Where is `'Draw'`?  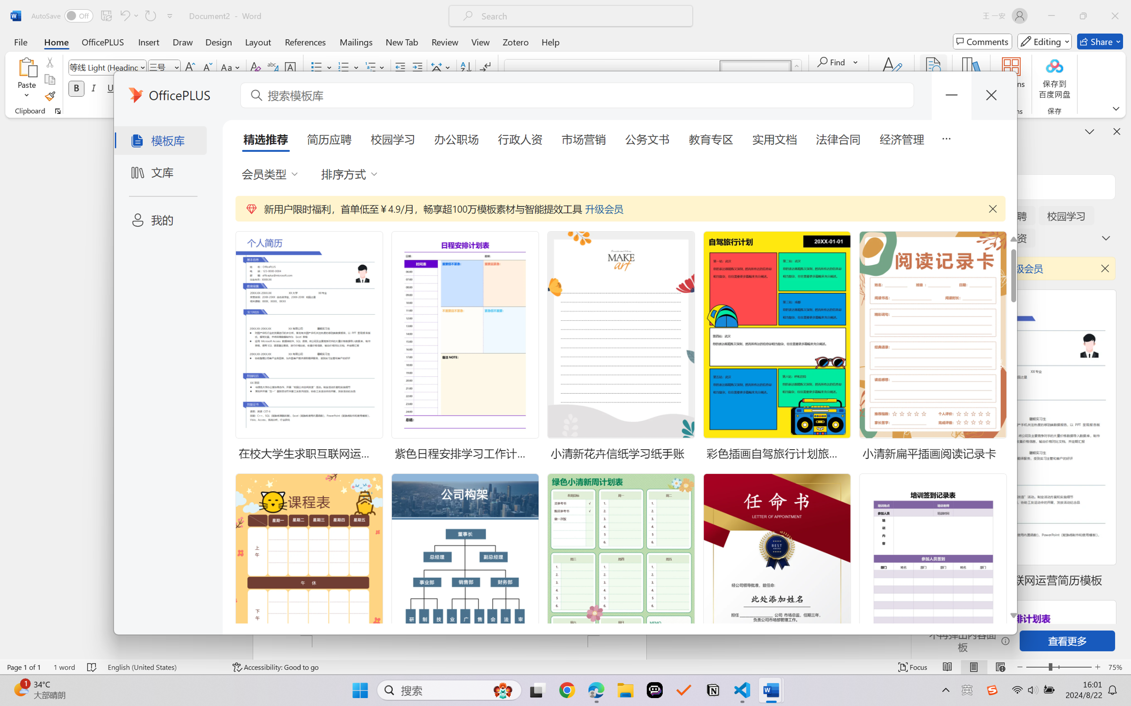 'Draw' is located at coordinates (183, 41).